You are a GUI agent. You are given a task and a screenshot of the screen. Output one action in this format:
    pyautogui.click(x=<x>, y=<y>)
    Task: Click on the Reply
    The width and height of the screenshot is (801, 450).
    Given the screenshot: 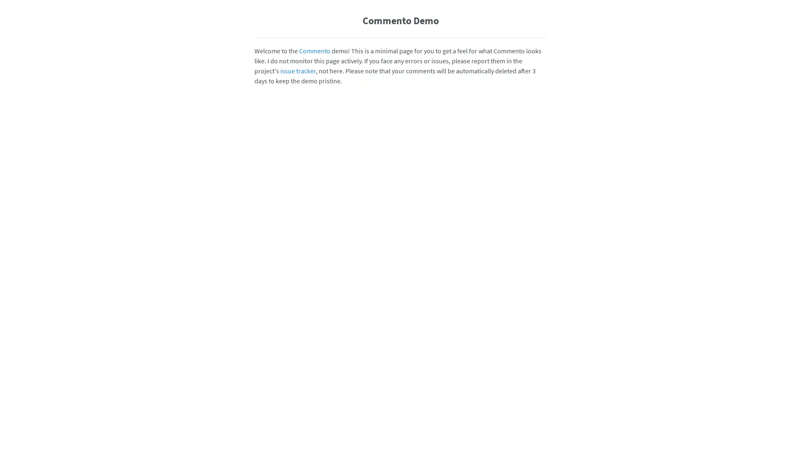 What is the action you would take?
    pyautogui.click(x=501, y=427)
    